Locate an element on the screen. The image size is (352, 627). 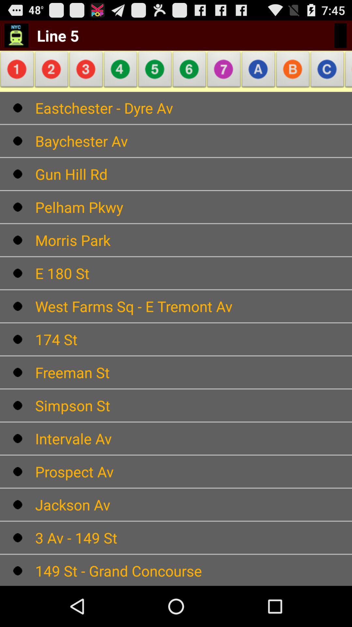
the icon next to the line 5 is located at coordinates (121, 71).